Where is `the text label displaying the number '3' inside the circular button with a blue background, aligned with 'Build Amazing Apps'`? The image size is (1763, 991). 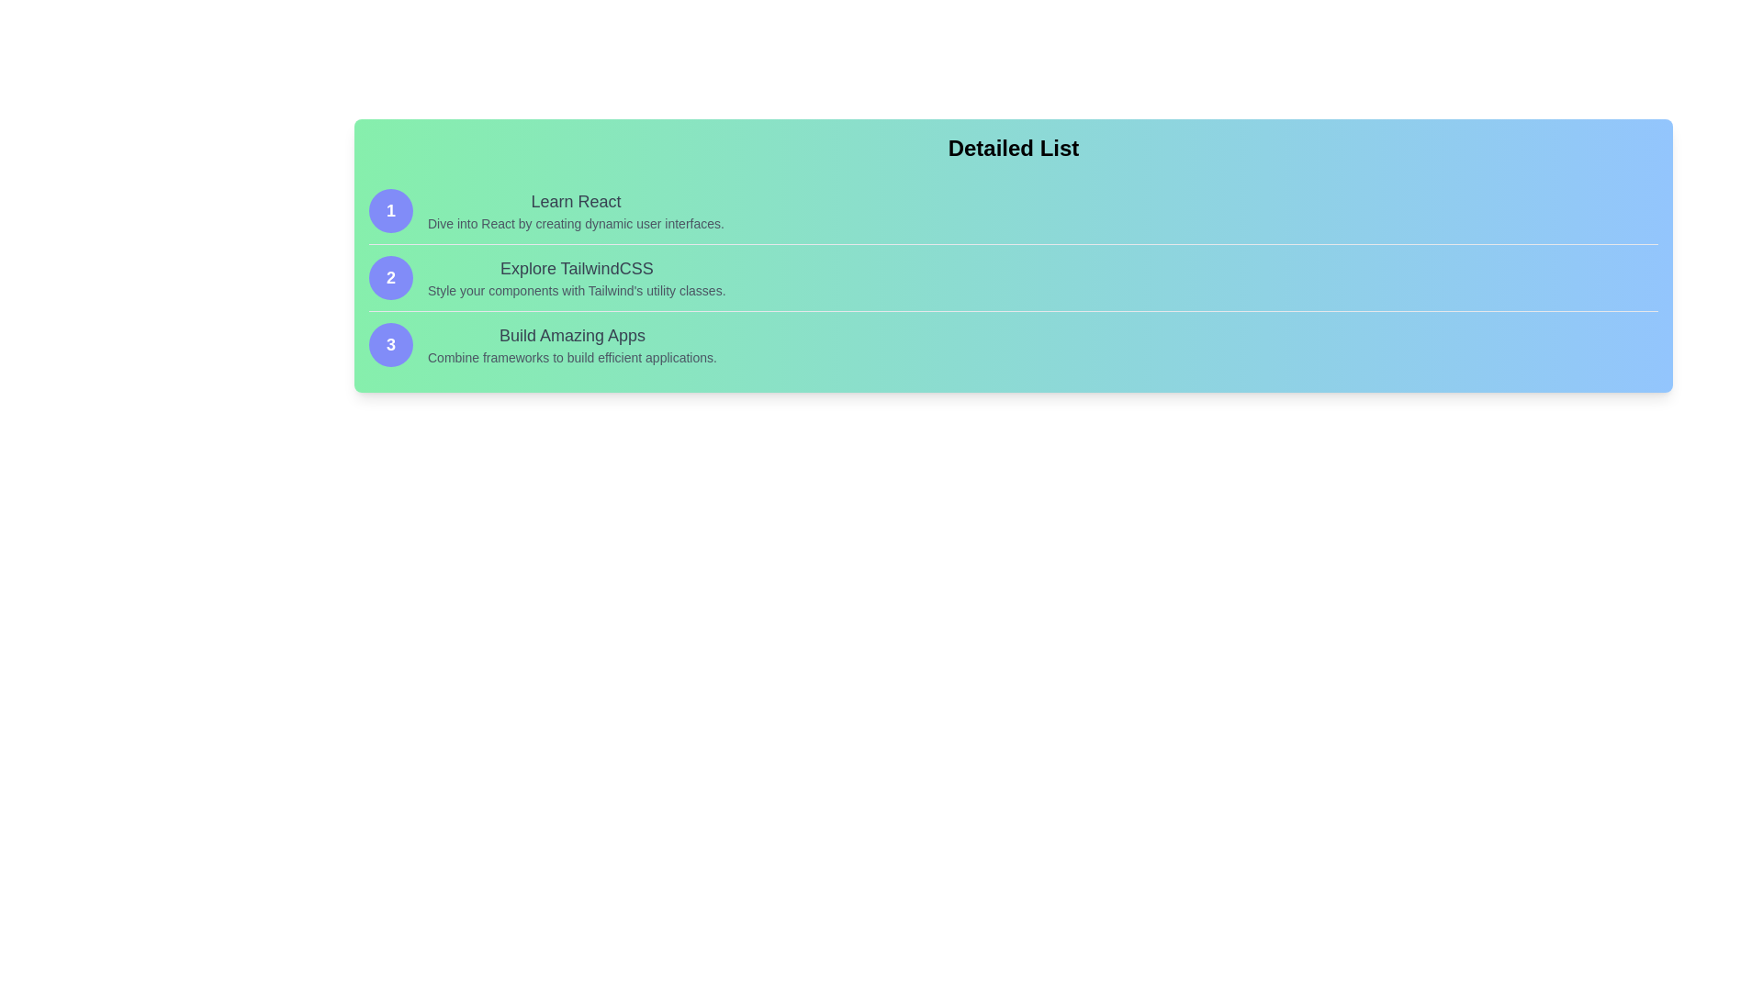 the text label displaying the number '3' inside the circular button with a blue background, aligned with 'Build Amazing Apps' is located at coordinates (390, 344).